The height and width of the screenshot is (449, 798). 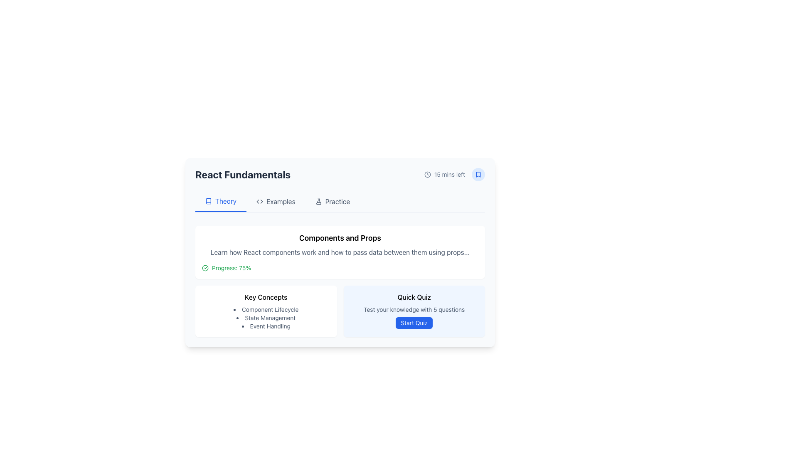 I want to click on text displayed in the time information label located in the top-right section of the central content card, aligned to the right of the clock icon, so click(x=449, y=174).